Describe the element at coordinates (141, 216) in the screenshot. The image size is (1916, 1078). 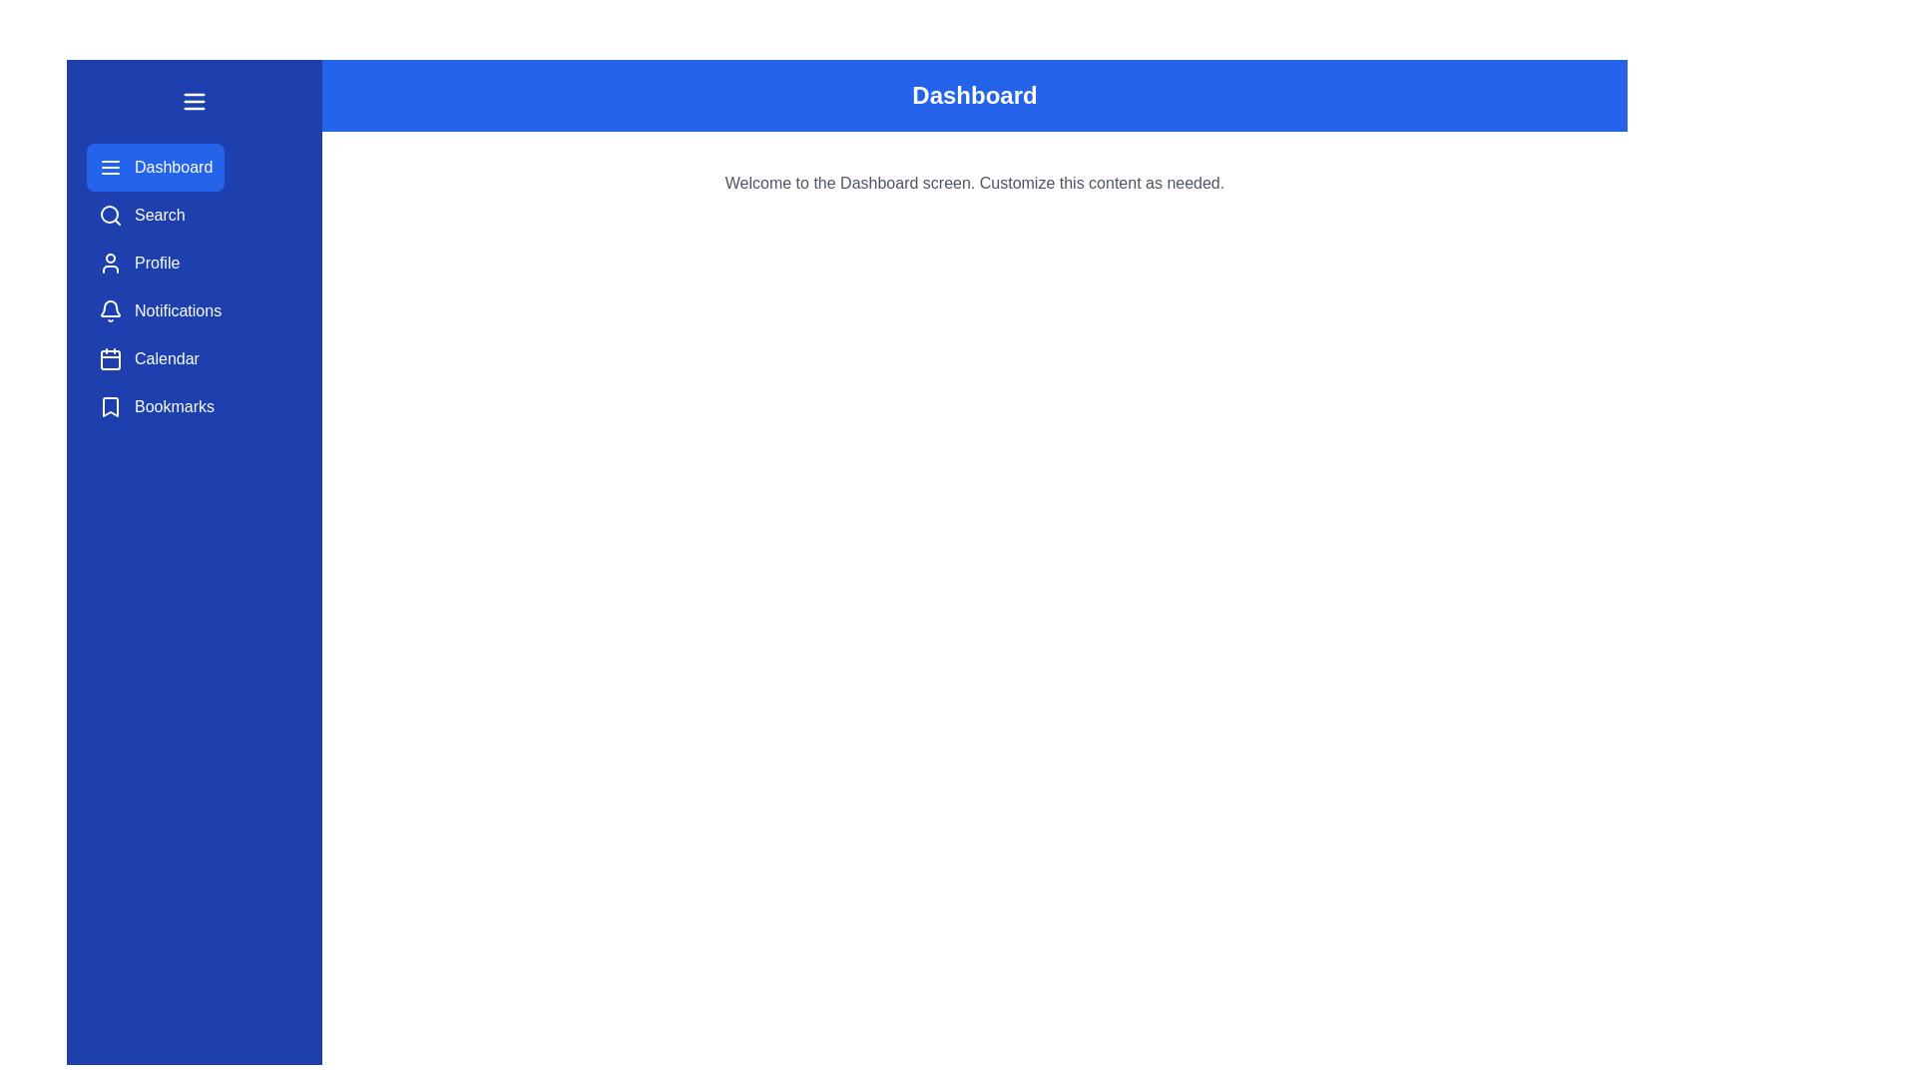
I see `the 'Search' Navigation Button, which is the second menu item in the vertical navigation bar, featuring a magnifying glass icon and white text against a blue background` at that location.